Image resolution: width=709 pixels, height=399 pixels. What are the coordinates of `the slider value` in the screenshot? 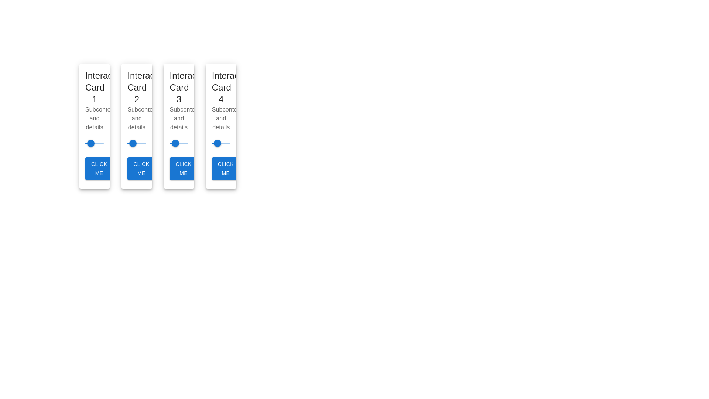 It's located at (167, 143).